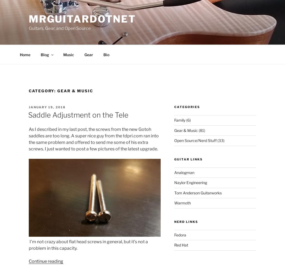  I want to click on 'Naylor Engineering', so click(191, 182).